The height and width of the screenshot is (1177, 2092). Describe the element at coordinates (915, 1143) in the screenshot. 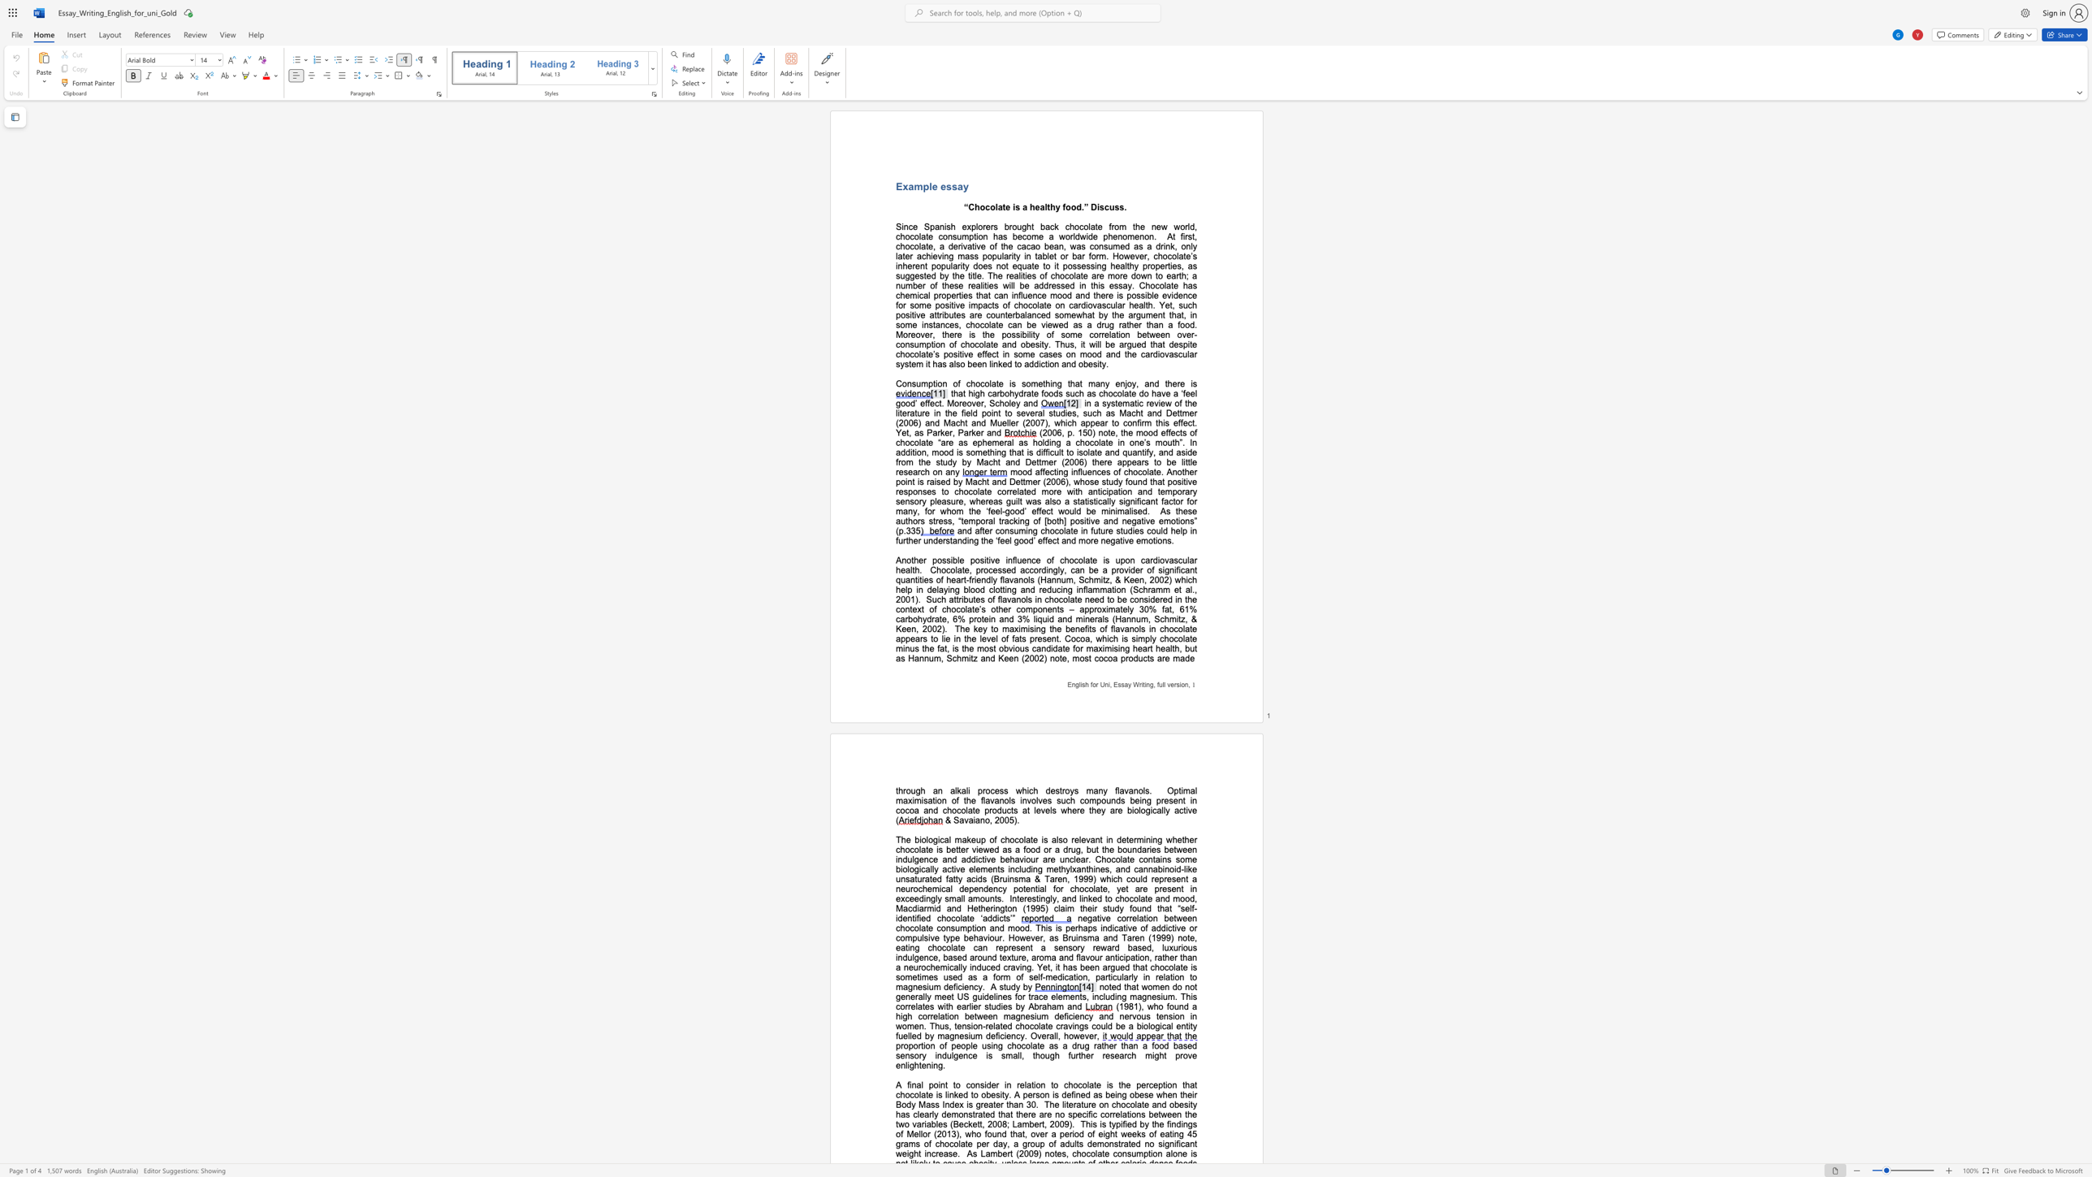

I see `the subset text "s of chocolate per day," within the text "This is typified by the findings of Mellor (2013), who found that, over a period of eight weeks of eating 45 grams of chocolate per day, a group of adults"` at that location.